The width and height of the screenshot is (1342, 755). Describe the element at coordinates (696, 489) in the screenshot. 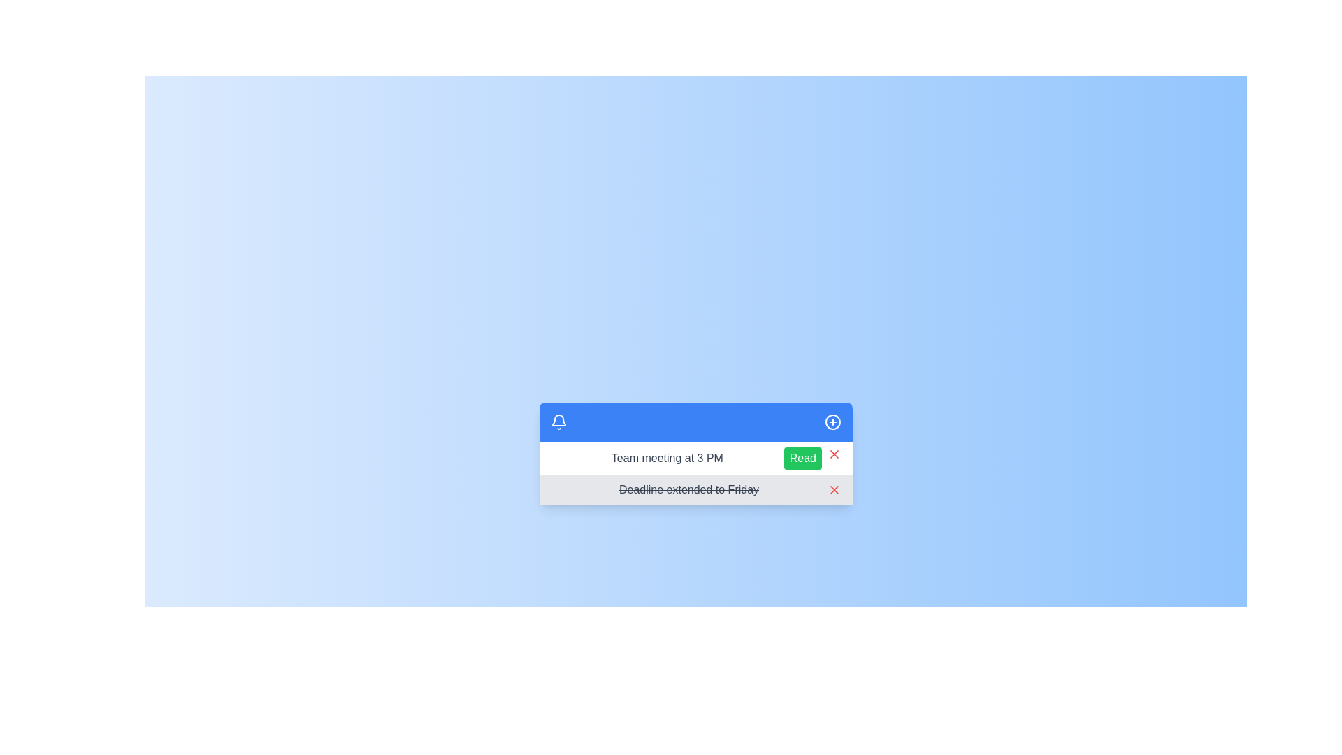

I see `the Notification bar that informs about a deadline update with a dismiss button` at that location.